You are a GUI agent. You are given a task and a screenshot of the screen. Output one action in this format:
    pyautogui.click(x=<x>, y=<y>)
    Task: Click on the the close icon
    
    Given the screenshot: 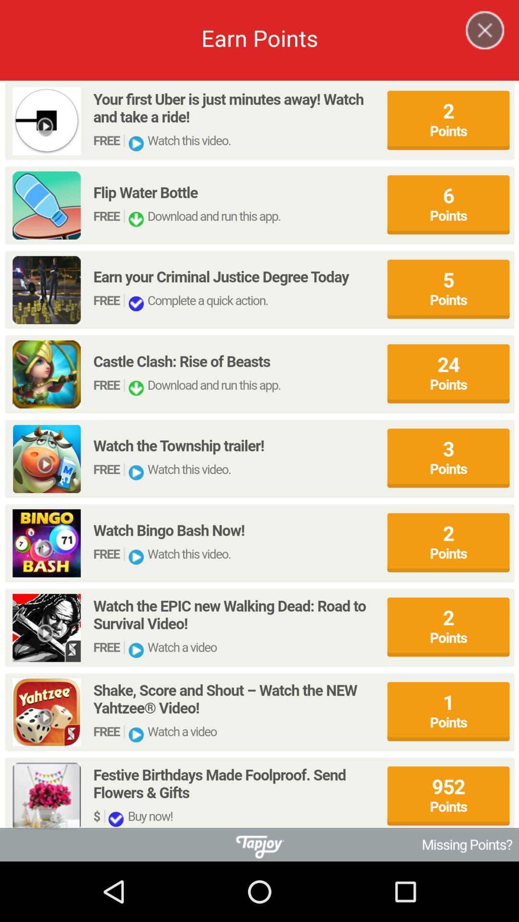 What is the action you would take?
    pyautogui.click(x=478, y=40)
    